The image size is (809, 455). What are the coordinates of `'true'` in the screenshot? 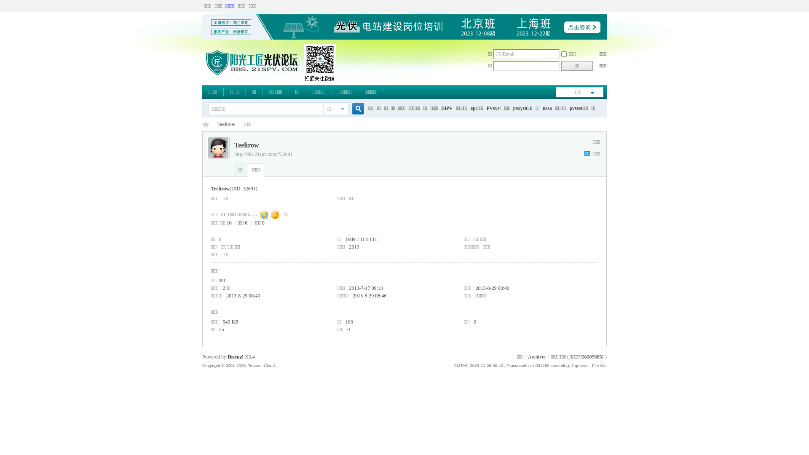 It's located at (355, 108).